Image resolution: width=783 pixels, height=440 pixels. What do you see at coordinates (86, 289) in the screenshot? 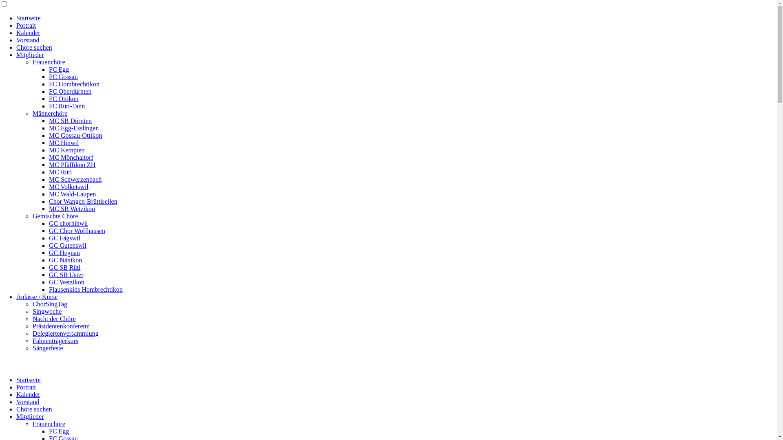
I see `'Flausenkids Hombrechtikon'` at bounding box center [86, 289].